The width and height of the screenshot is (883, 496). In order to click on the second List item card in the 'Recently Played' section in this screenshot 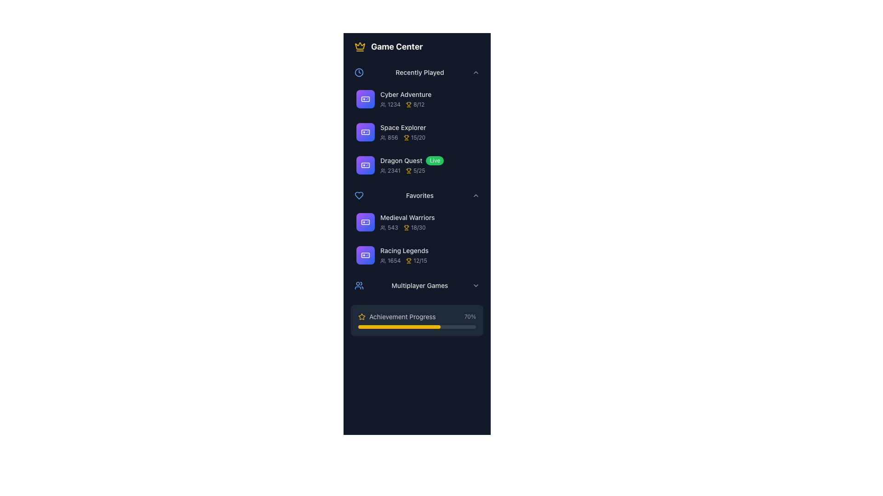, I will do `click(417, 132)`.